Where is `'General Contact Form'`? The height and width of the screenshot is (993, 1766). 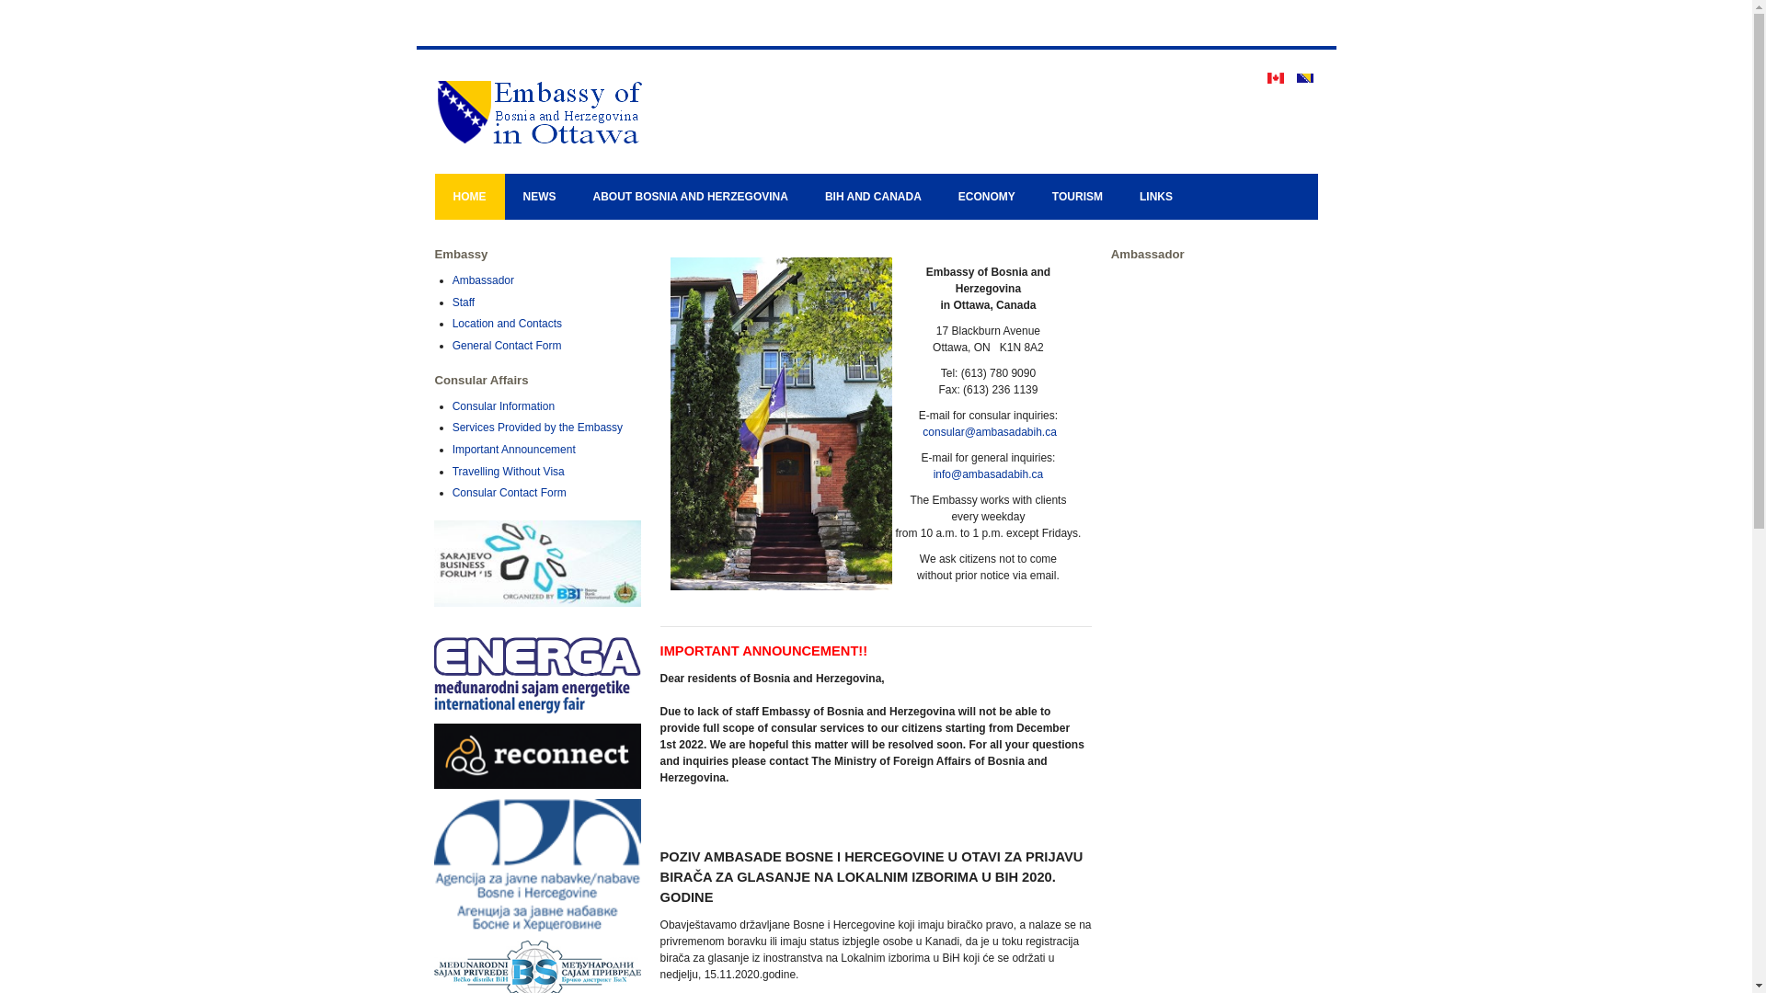
'General Contact Form' is located at coordinates (507, 345).